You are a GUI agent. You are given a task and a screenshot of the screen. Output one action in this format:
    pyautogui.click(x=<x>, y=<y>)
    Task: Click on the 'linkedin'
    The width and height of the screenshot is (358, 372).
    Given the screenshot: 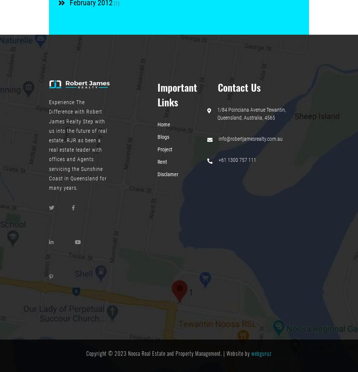 What is the action you would take?
    pyautogui.click(x=58, y=250)
    